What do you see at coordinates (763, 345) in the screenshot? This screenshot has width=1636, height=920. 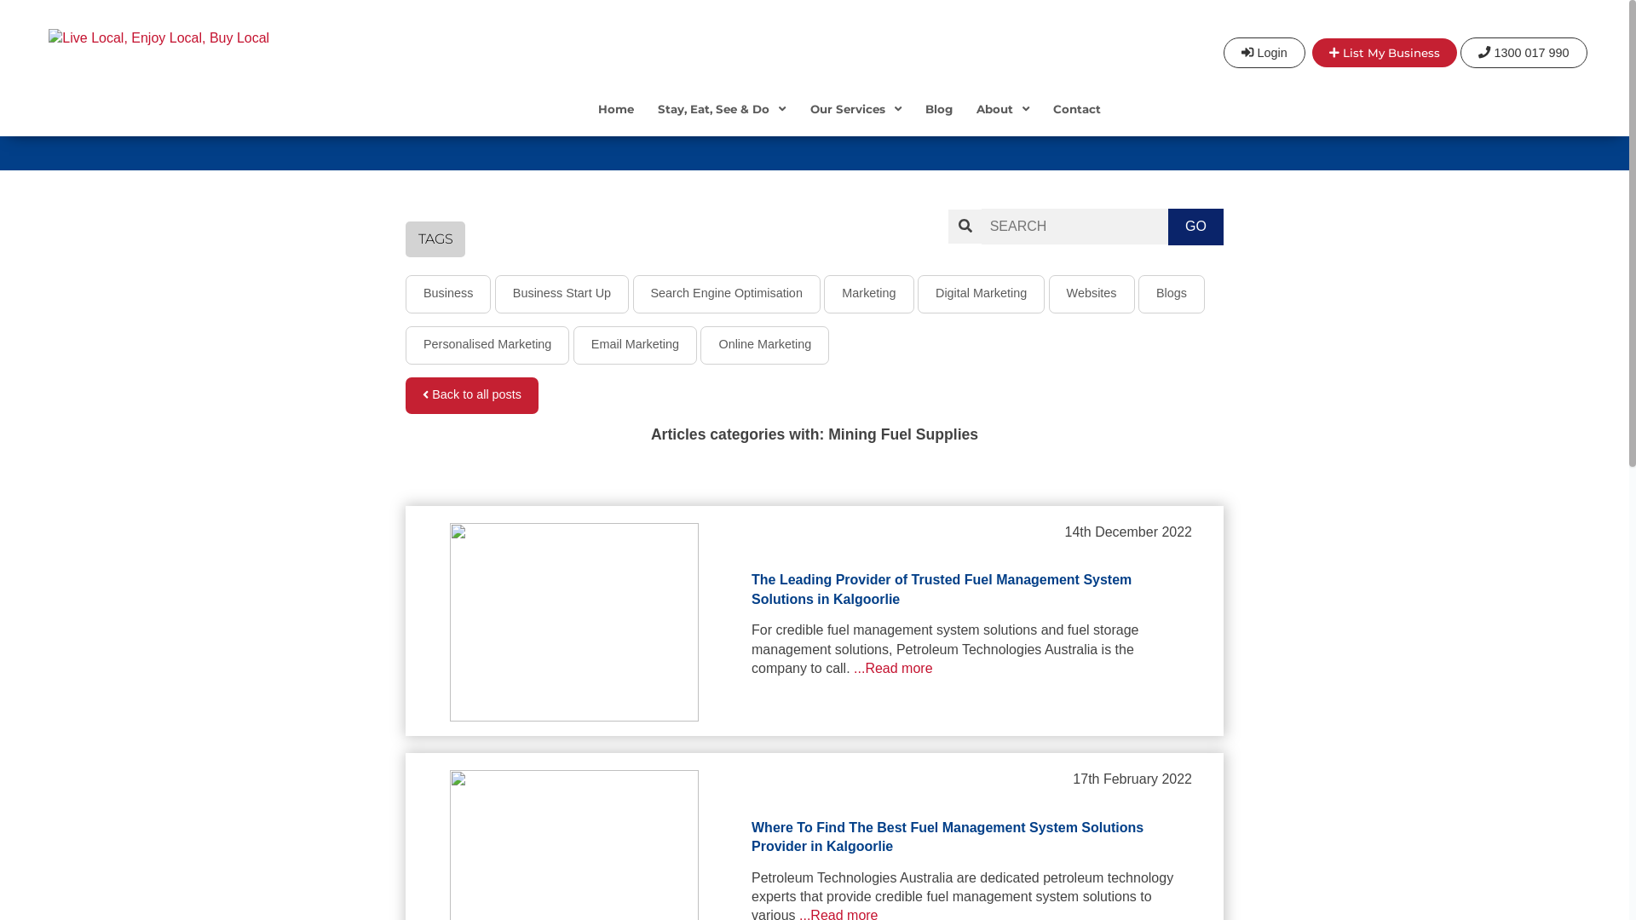 I see `'Online Marketing'` at bounding box center [763, 345].